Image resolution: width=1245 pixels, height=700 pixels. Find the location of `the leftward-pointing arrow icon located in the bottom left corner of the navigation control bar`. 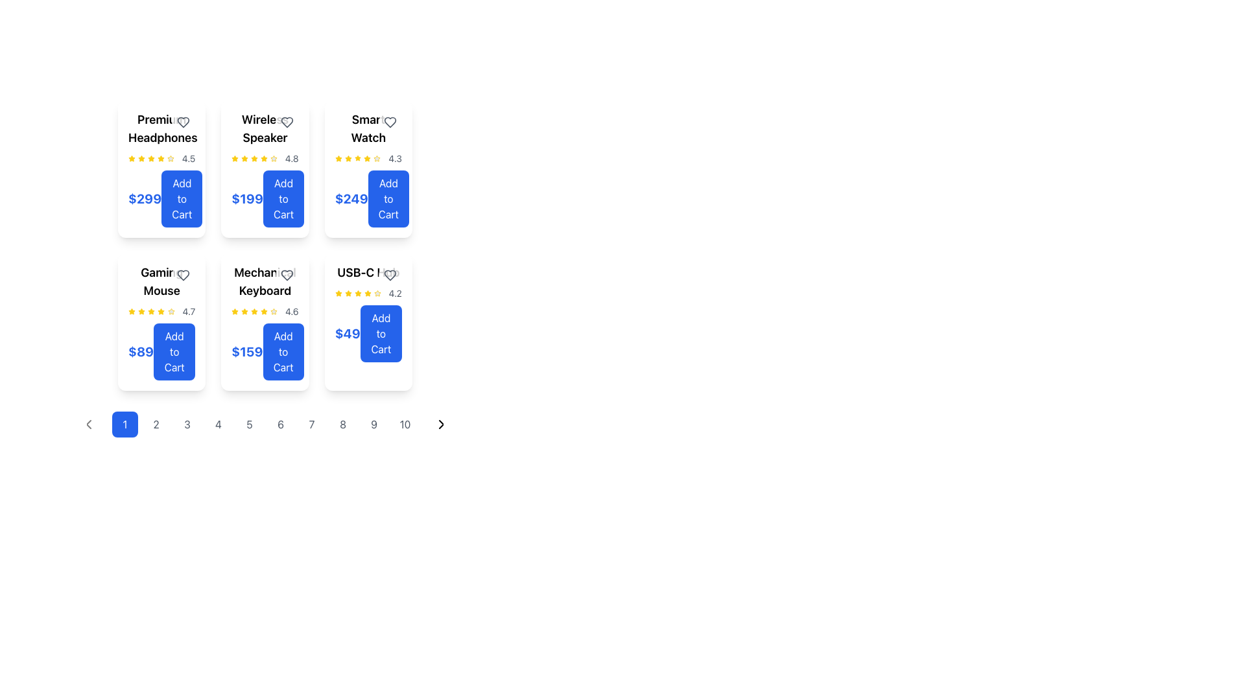

the leftward-pointing arrow icon located in the bottom left corner of the navigation control bar is located at coordinates (88, 425).